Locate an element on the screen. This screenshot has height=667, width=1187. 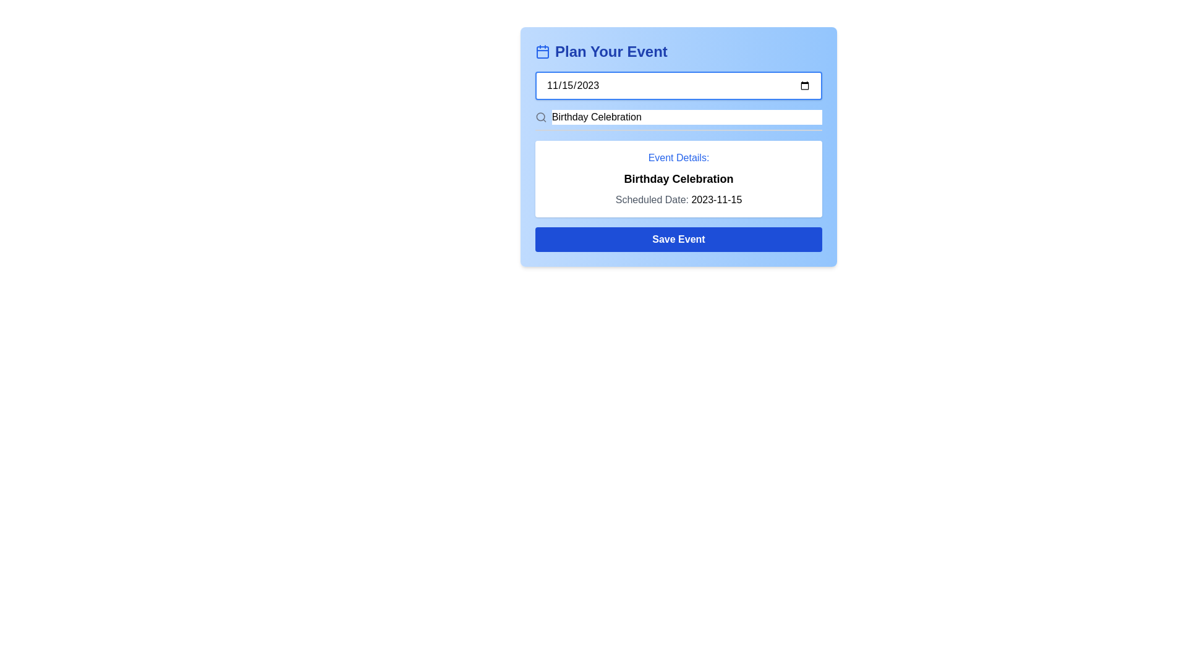
the search icon located to the left of the 'Birthday Celebration' text input field to initiate a search is located at coordinates (540, 117).